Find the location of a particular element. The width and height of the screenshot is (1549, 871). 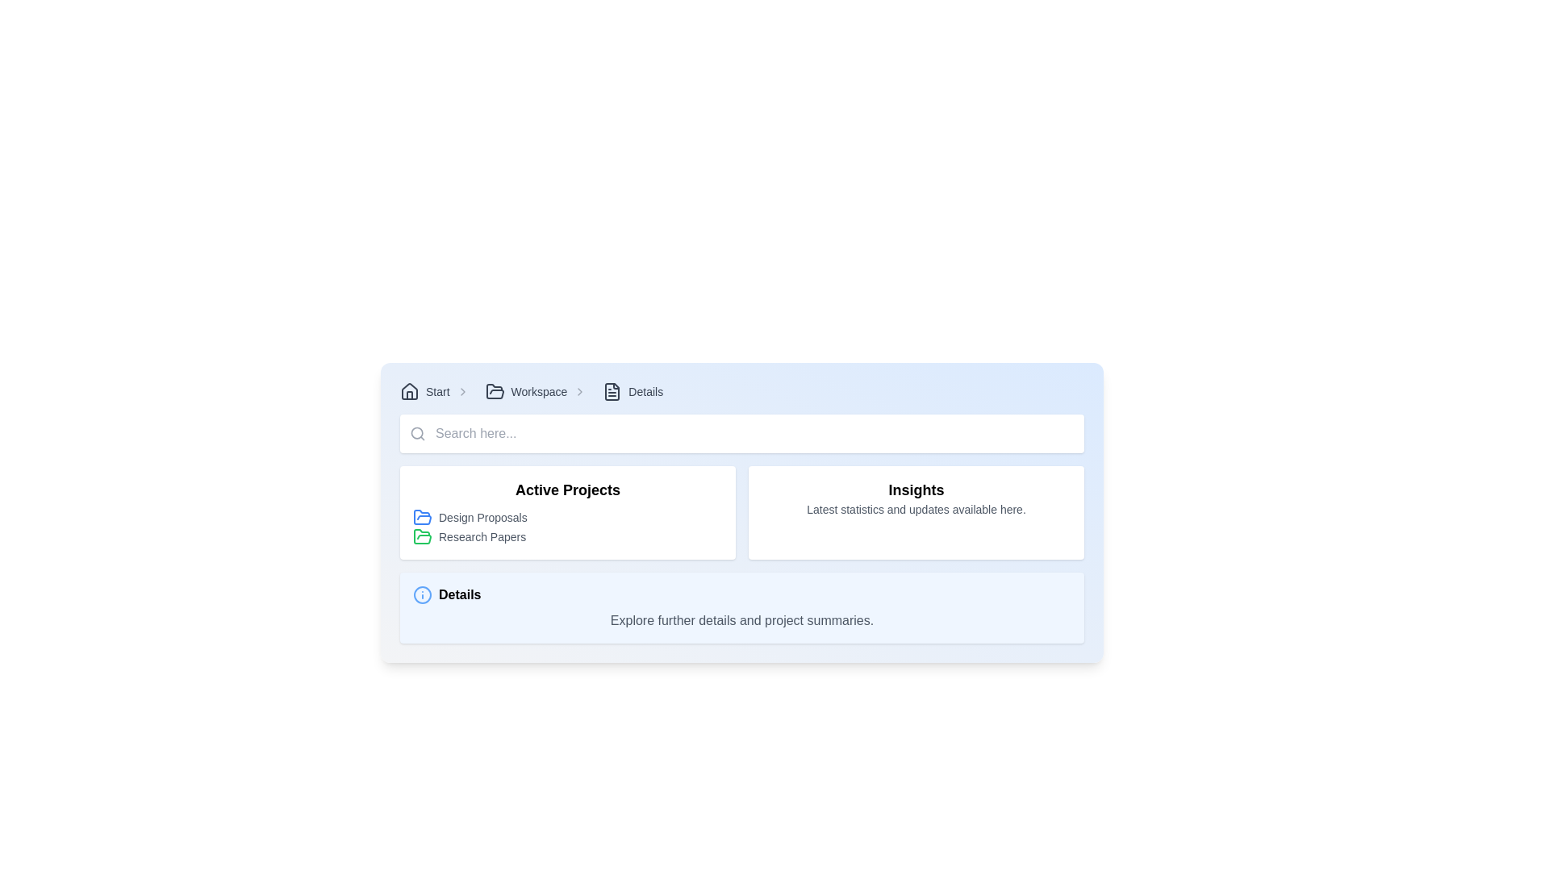

the blue folder icon in the breadcrumb navigation section is located at coordinates (422, 516).